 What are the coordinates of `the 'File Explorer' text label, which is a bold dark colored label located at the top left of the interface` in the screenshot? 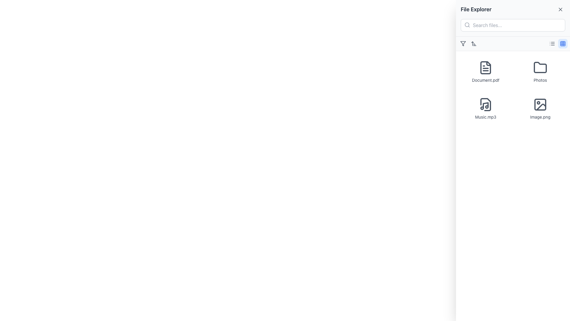 It's located at (476, 9).